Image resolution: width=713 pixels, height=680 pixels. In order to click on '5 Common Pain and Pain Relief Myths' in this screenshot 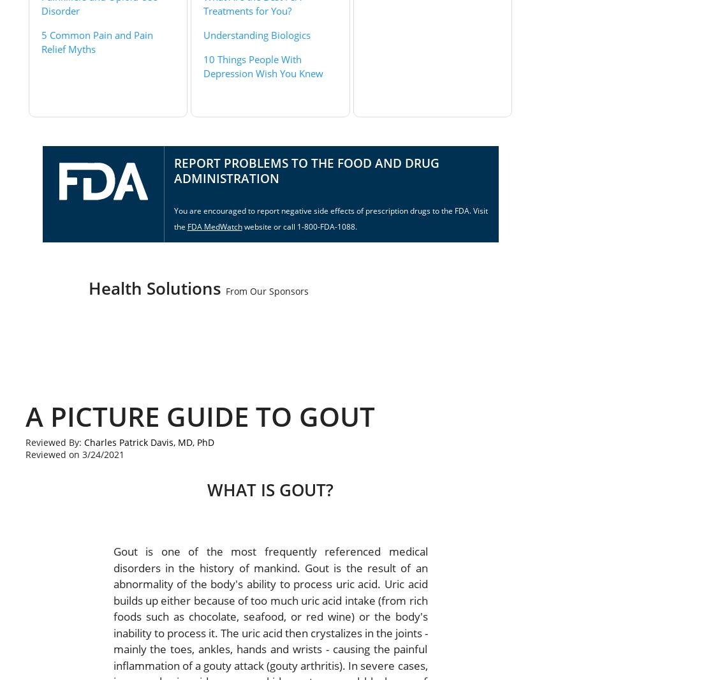, I will do `click(97, 41)`.